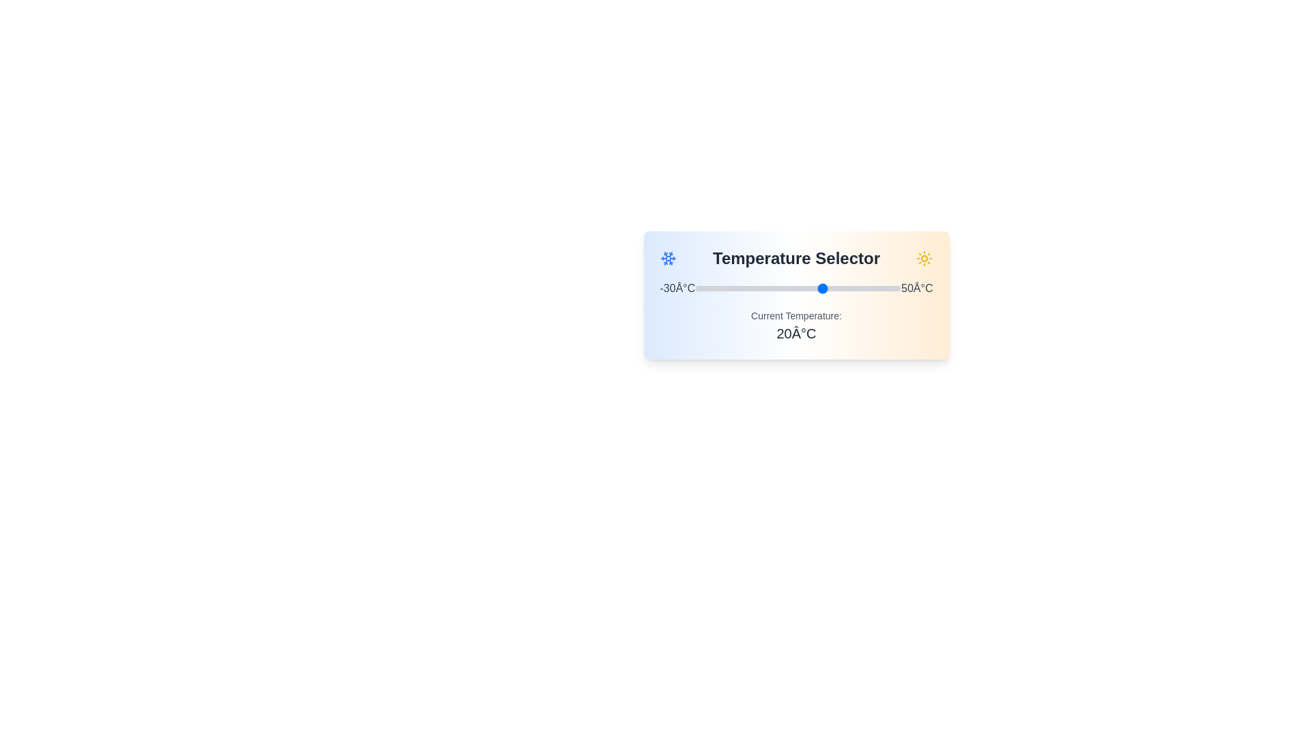 The height and width of the screenshot is (737, 1311). Describe the element at coordinates (877, 288) in the screenshot. I see `the temperature` at that location.